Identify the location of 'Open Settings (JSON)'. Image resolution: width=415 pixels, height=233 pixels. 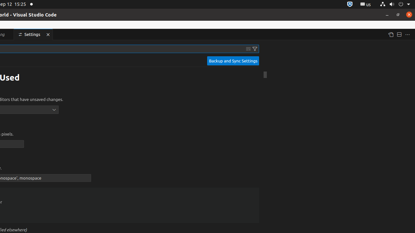
(390, 34).